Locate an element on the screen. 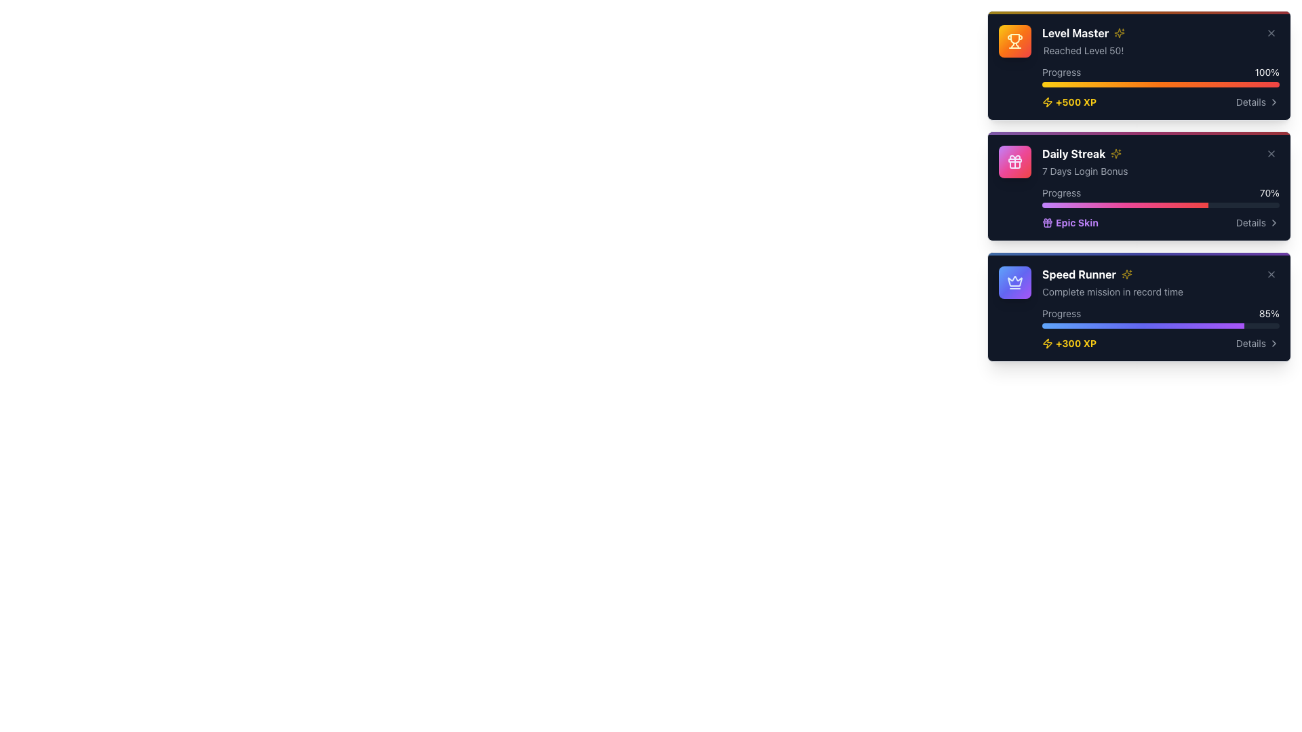  the glowing golden-yellow star-like icon located in the top-right notification card next to the heading text 'Level Master' is located at coordinates (1116, 153).